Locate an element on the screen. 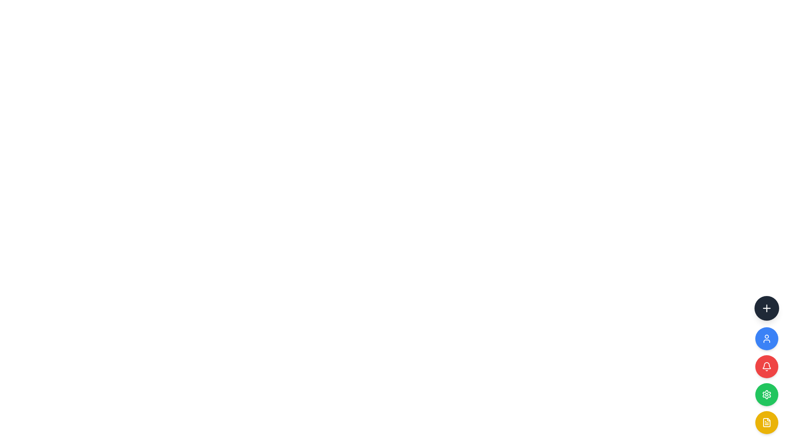 Image resolution: width=789 pixels, height=444 pixels. the toggle button located at the bottom right of the interface is located at coordinates (766, 308).